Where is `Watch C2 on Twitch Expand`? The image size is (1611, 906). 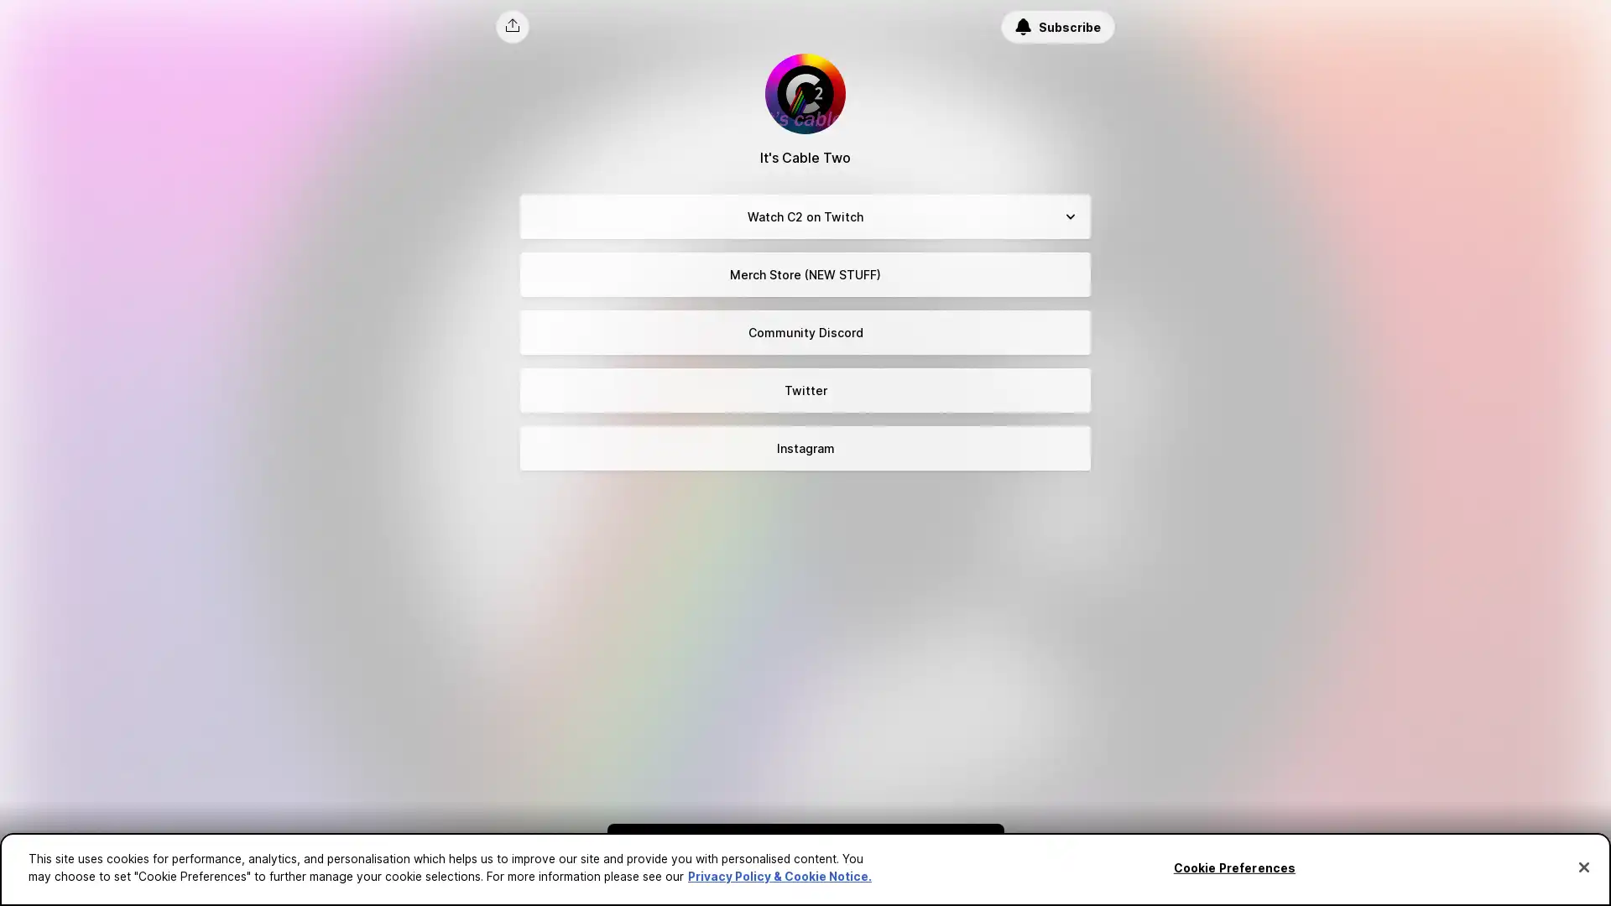
Watch C2 on Twitch Expand is located at coordinates (805, 216).